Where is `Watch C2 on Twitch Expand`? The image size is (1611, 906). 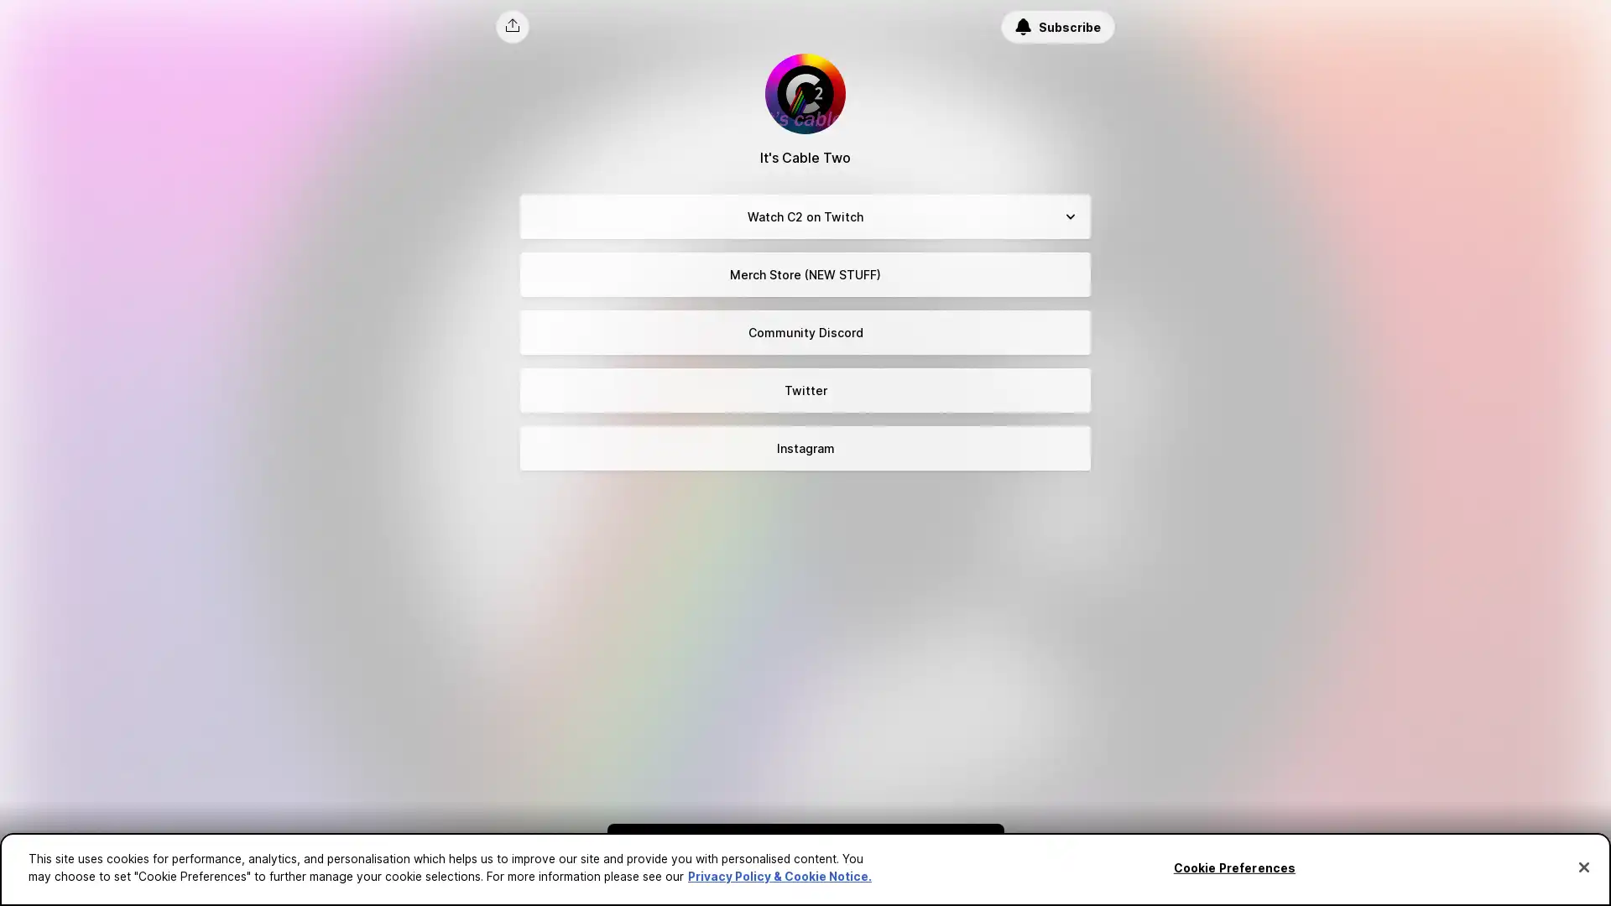
Watch C2 on Twitch Expand is located at coordinates (805, 216).